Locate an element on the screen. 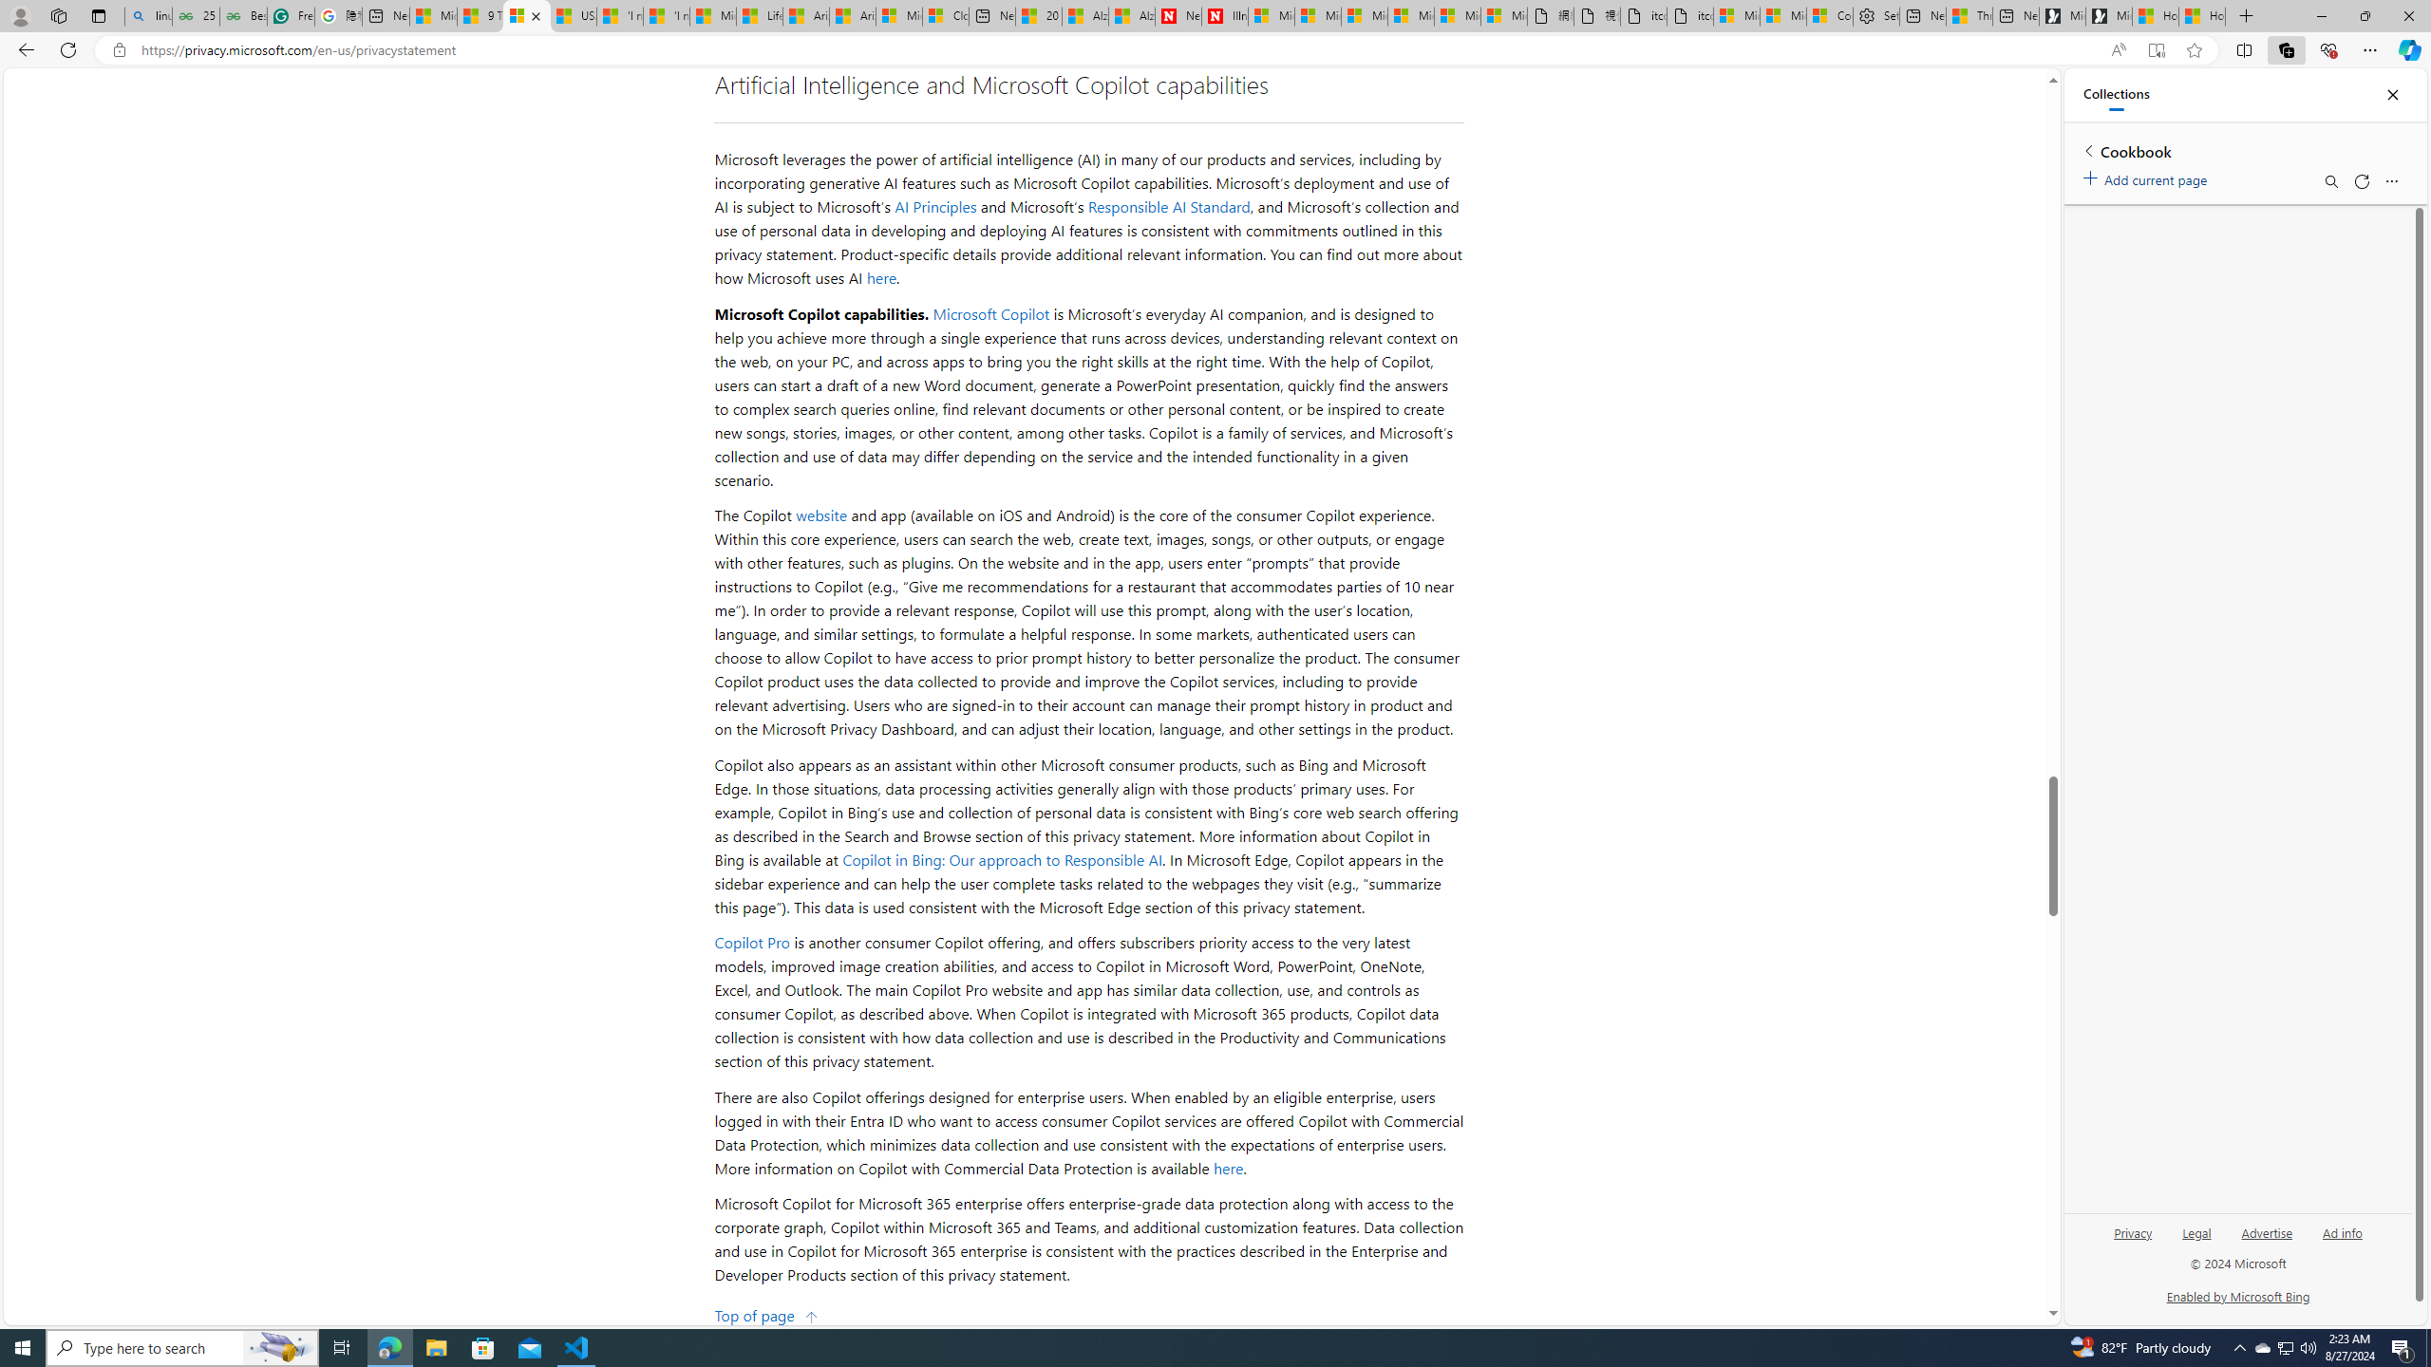 This screenshot has width=2431, height=1367. 'Copilot Pro' is located at coordinates (751, 941).